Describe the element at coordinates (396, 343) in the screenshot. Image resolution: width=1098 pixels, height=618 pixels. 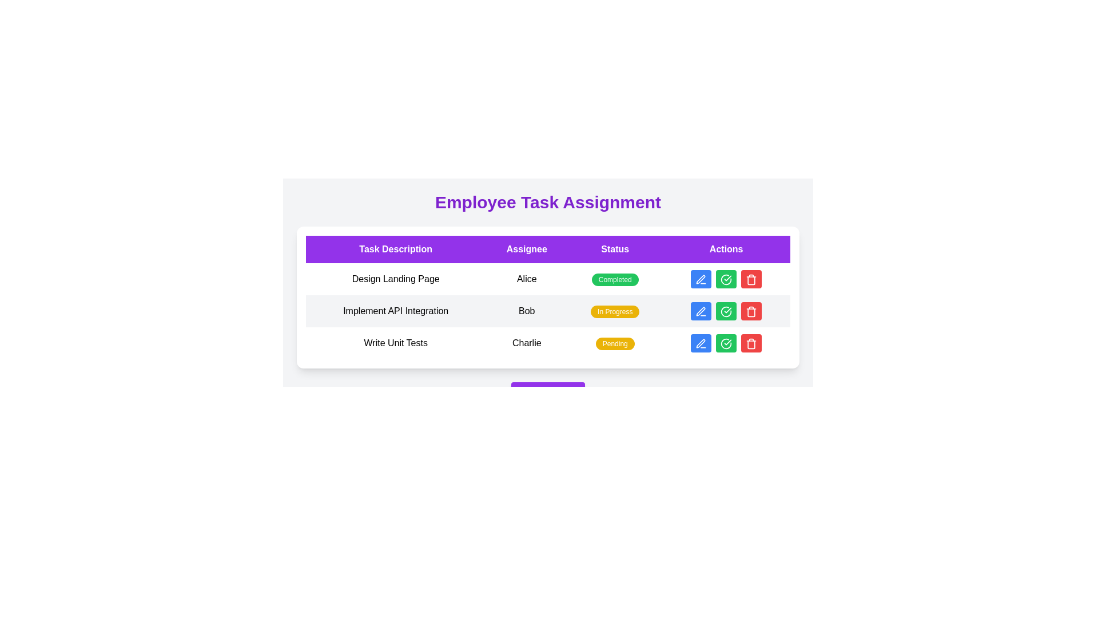
I see `the label displaying 'Write Unit Tests' located in the third row of the table under the 'Task Description' column header` at that location.